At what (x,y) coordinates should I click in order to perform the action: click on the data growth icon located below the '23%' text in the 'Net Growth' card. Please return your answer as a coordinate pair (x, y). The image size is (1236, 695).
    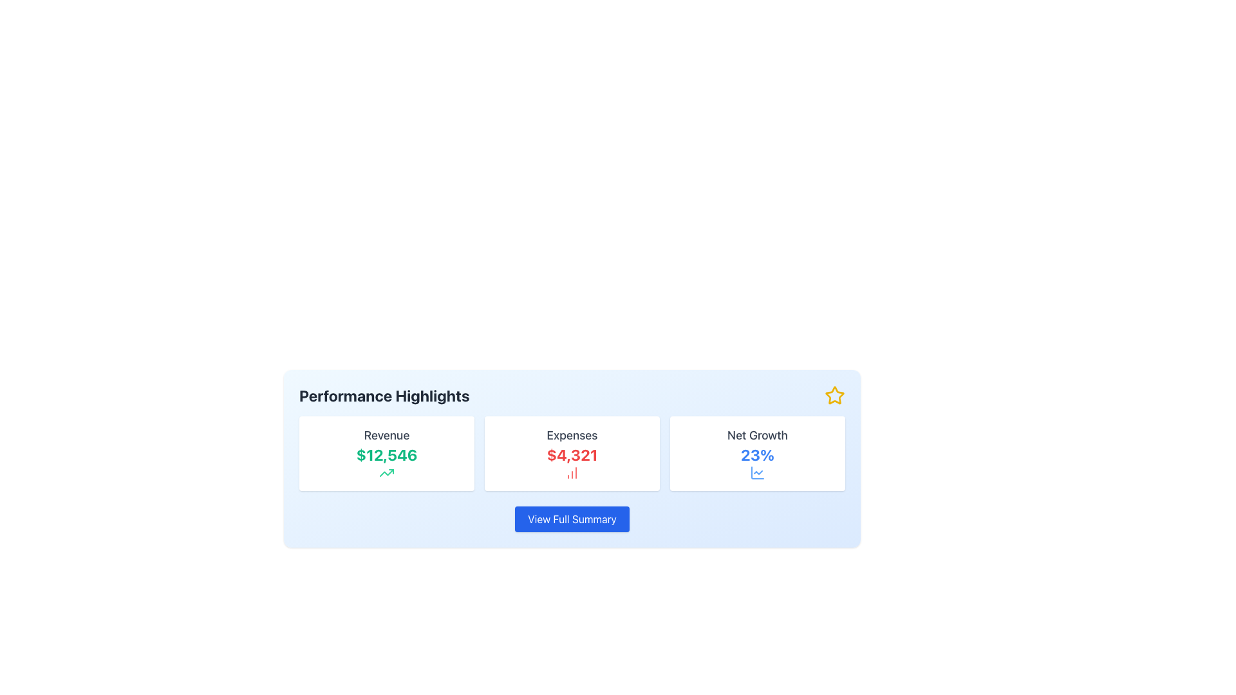
    Looking at the image, I should click on (757, 473).